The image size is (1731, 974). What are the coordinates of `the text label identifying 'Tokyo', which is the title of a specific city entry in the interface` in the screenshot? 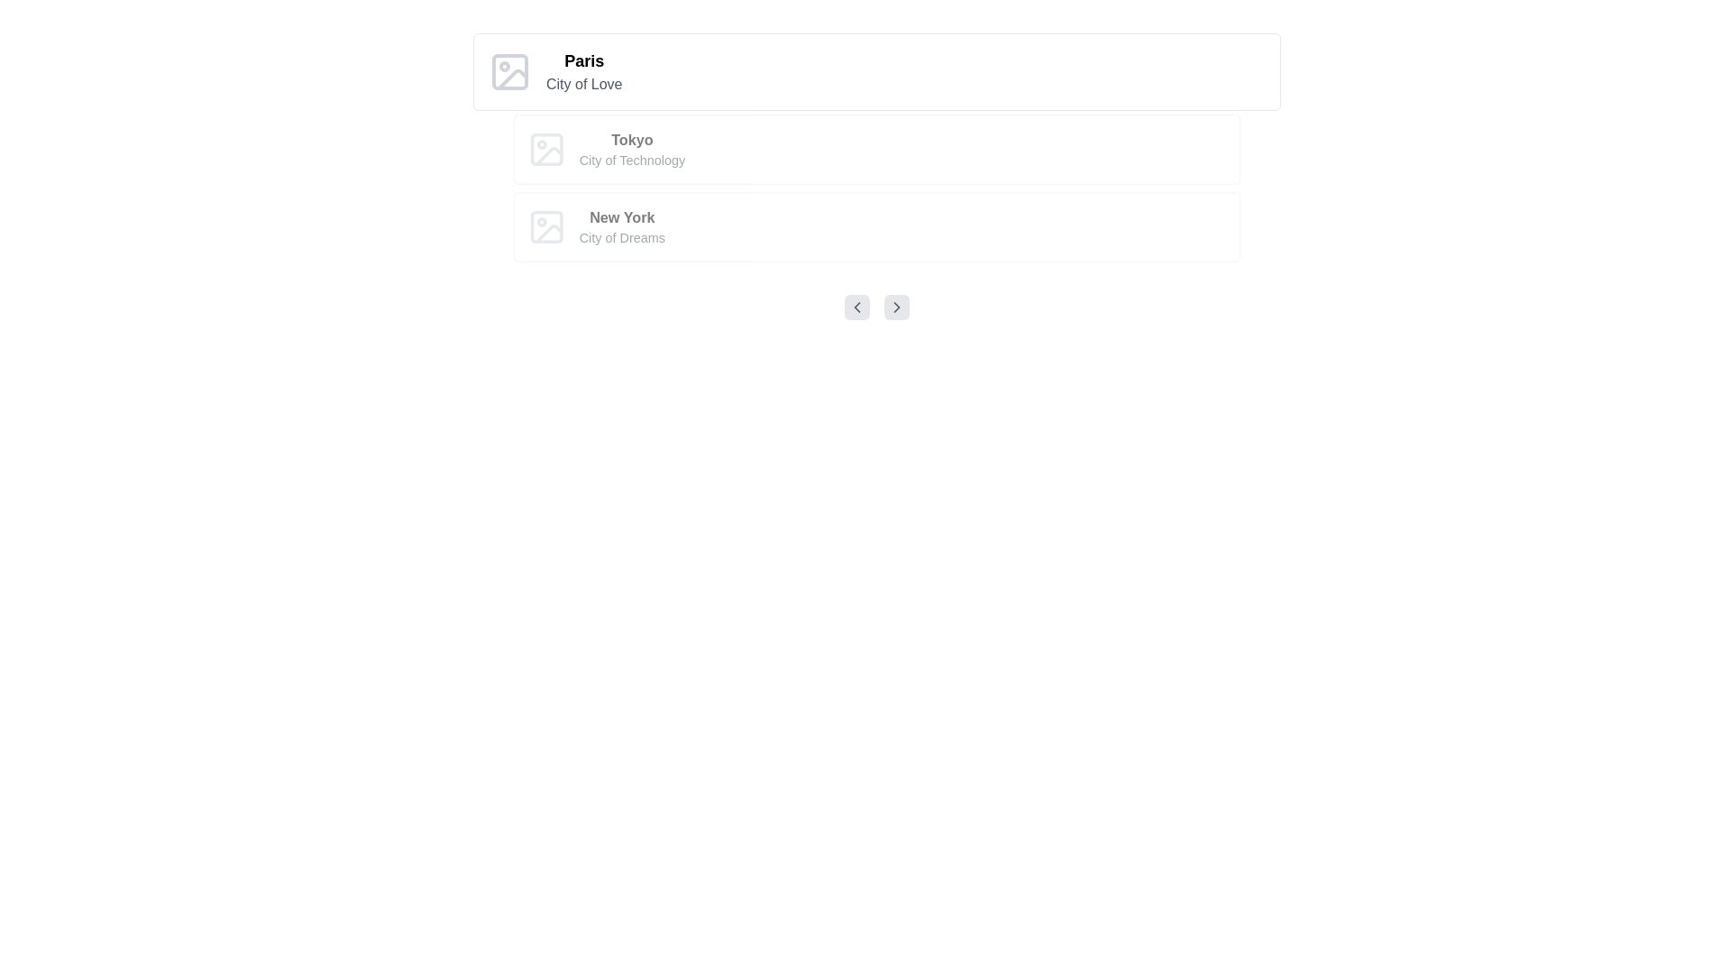 It's located at (632, 139).